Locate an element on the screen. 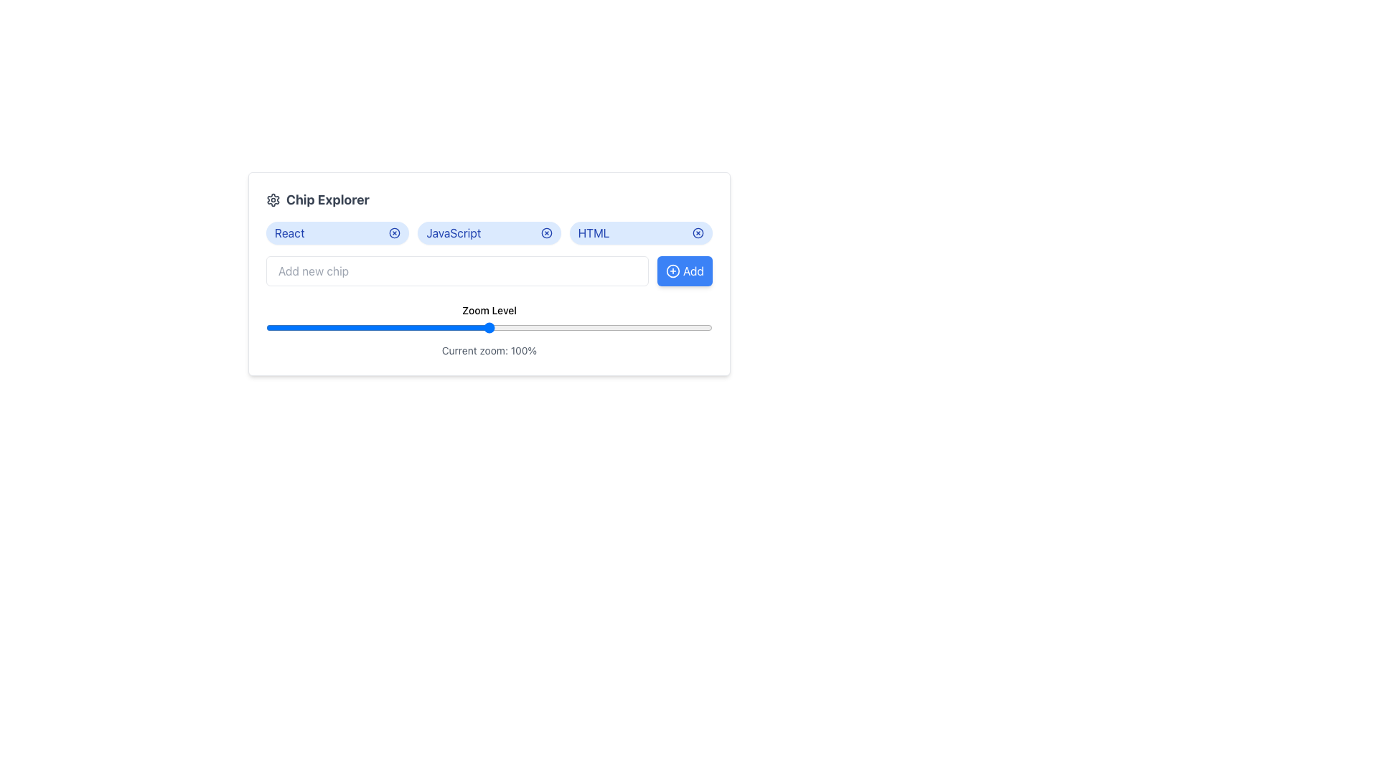  the text label displaying 'HTML' in bold font with a blue text color, which is part of a chip-like UI component with rounded corners is located at coordinates (594, 232).